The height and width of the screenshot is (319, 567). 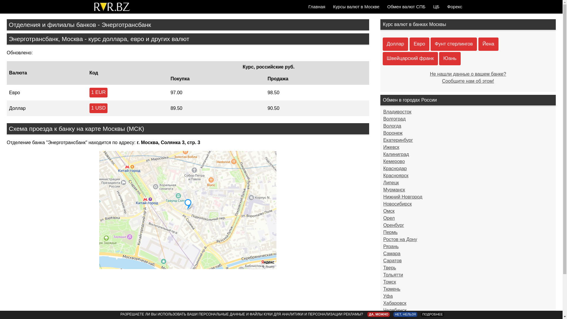 What do you see at coordinates (98, 108) in the screenshot?
I see `'1 USD'` at bounding box center [98, 108].